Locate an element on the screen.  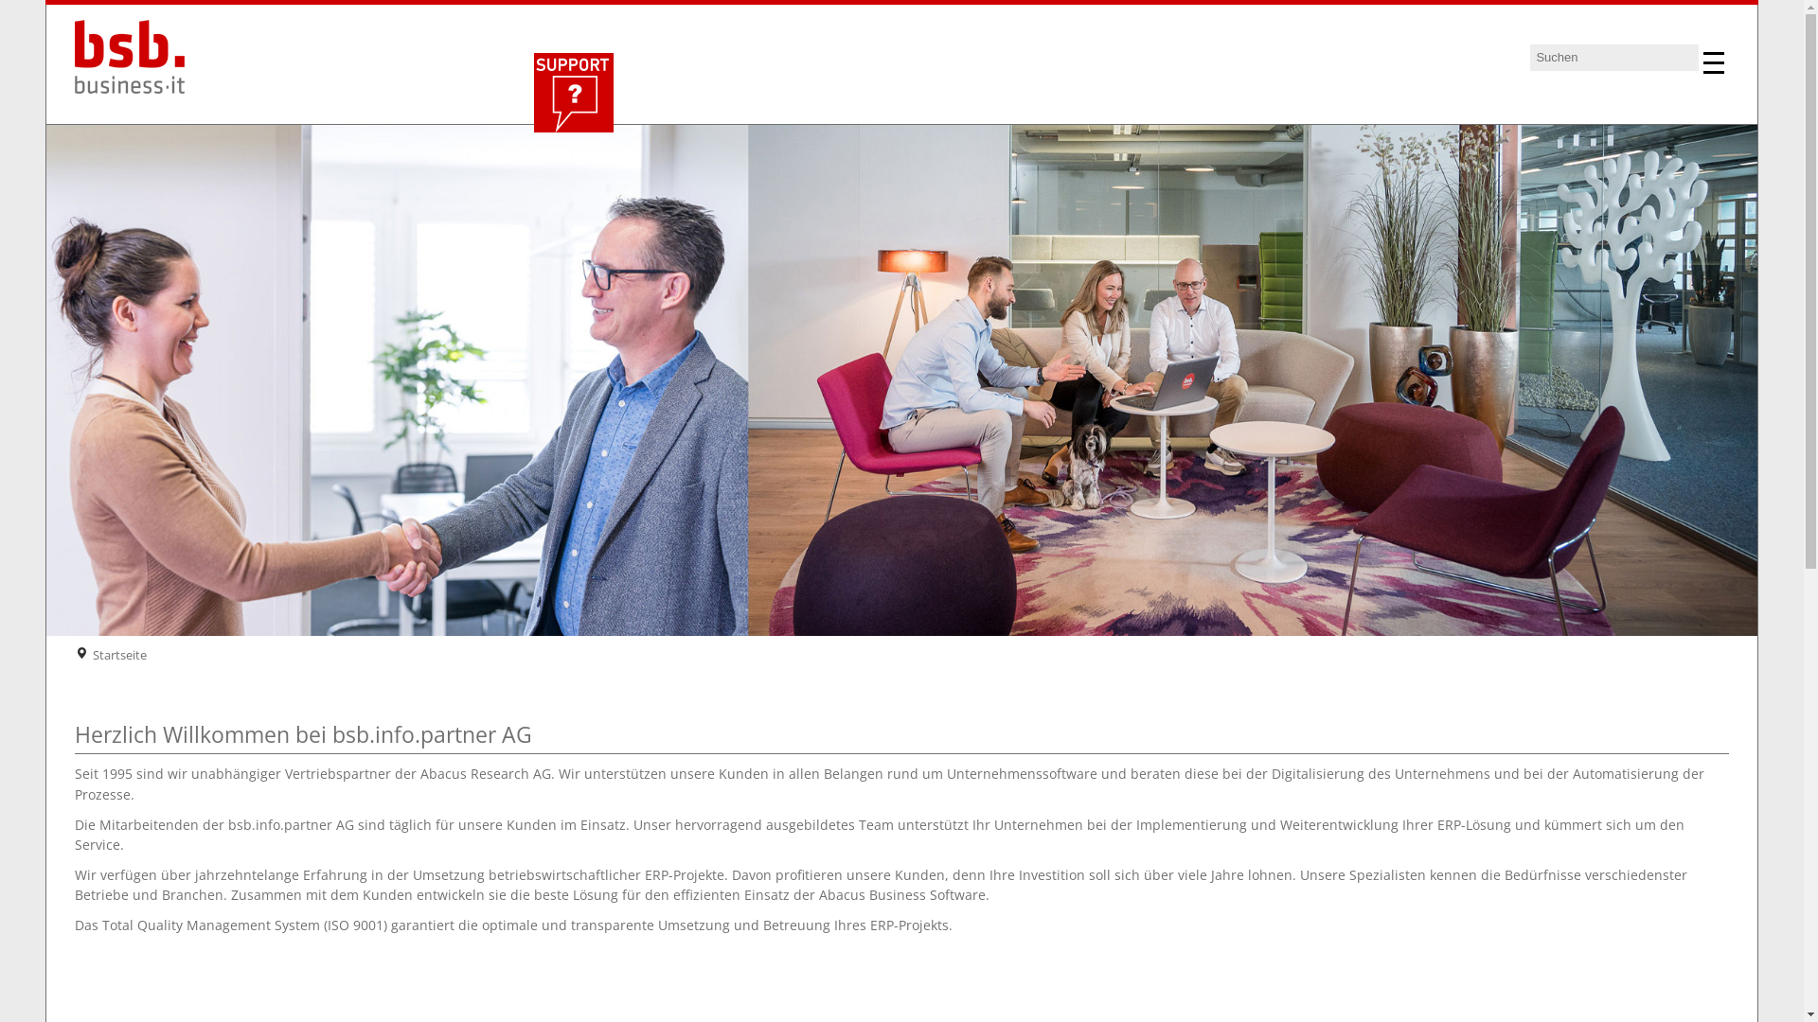
'bsb.info.partner AG' is located at coordinates (137, 61).